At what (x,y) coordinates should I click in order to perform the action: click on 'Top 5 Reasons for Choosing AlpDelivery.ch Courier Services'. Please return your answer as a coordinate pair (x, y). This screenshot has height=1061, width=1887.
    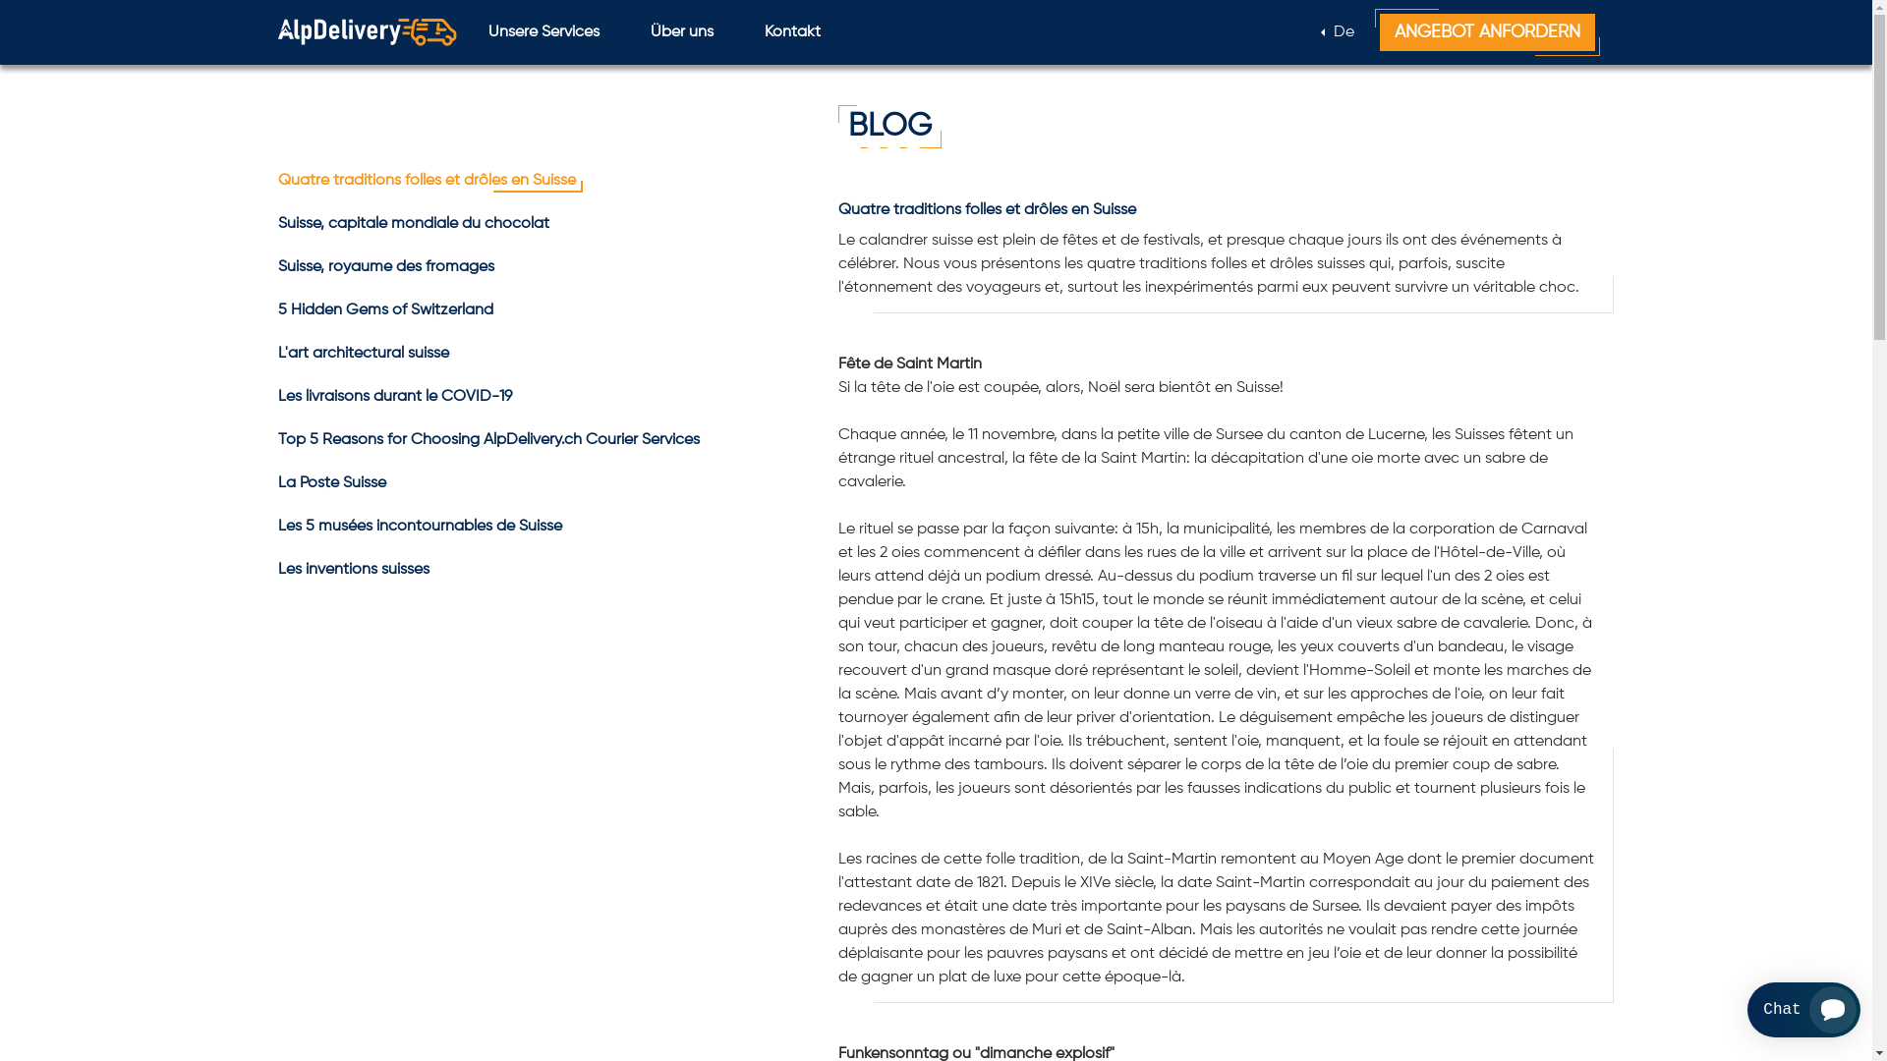
    Looking at the image, I should click on (487, 438).